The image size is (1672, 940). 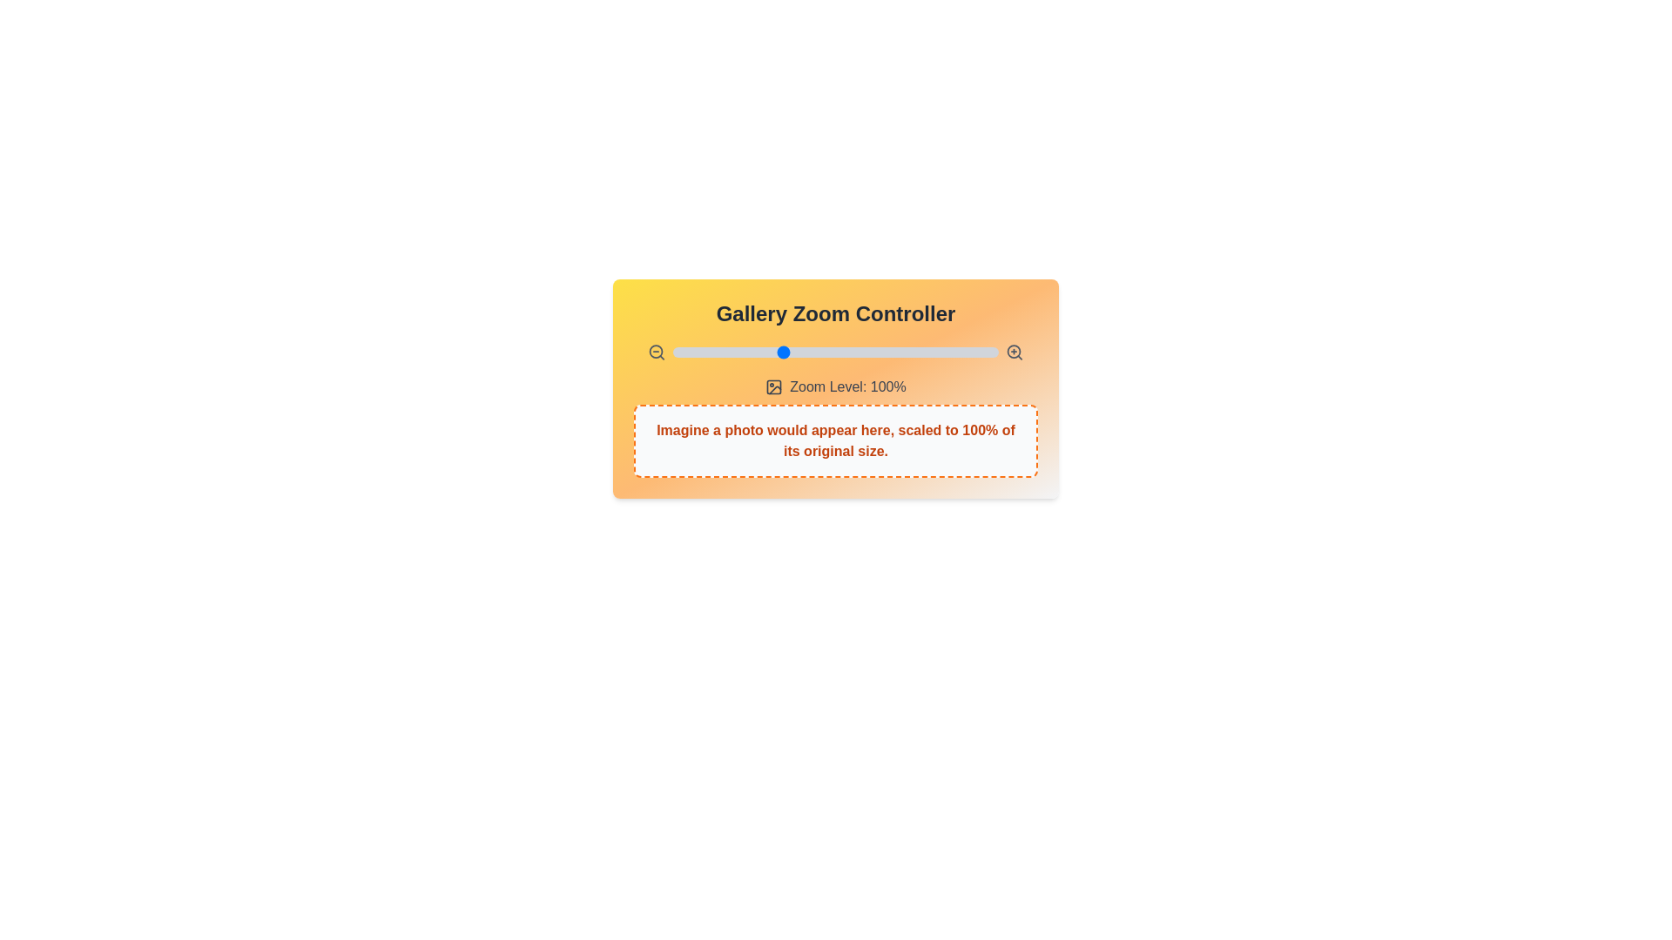 I want to click on the zoom level to 152% by interacting with the slider, so click(x=894, y=352).